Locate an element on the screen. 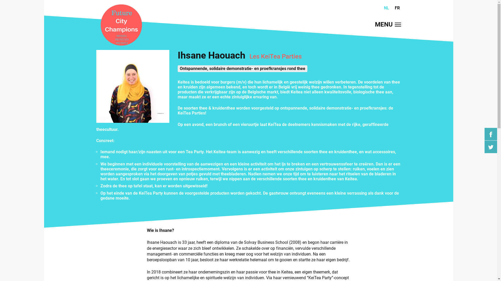  'MENU' is located at coordinates (374, 25).